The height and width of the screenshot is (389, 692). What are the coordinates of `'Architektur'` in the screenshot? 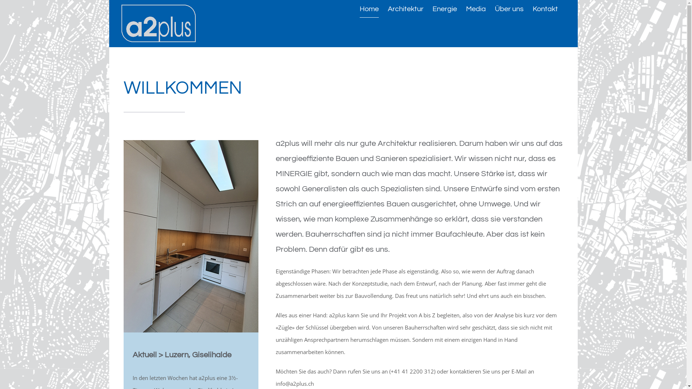 It's located at (387, 9).